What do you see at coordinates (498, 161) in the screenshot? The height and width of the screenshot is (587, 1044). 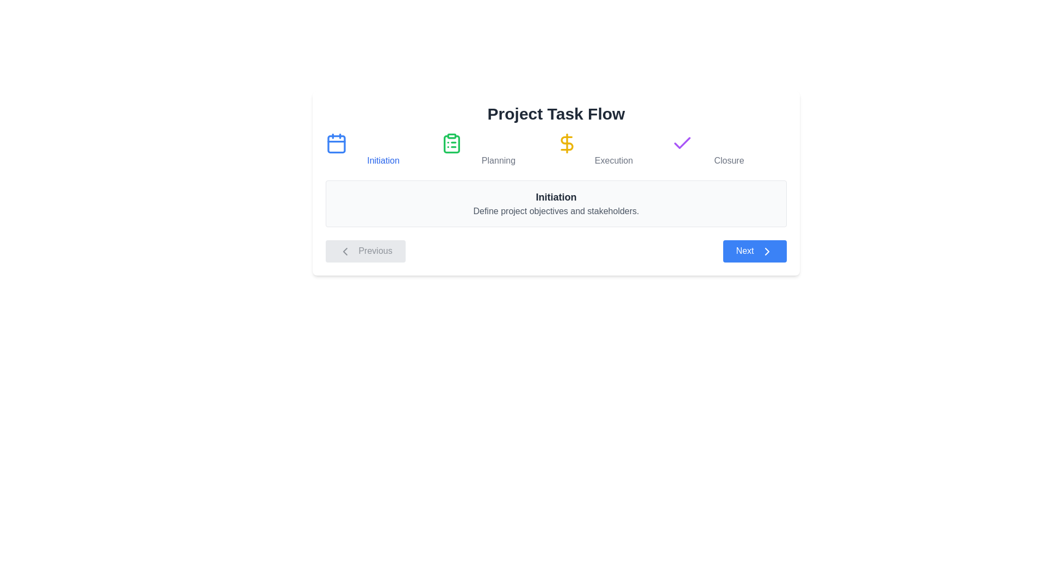 I see `the 'Planning' text label located in the middle section of the navigation bar for the project task flow, which is styled in gray color and positioned below a green clipboard icon` at bounding box center [498, 161].